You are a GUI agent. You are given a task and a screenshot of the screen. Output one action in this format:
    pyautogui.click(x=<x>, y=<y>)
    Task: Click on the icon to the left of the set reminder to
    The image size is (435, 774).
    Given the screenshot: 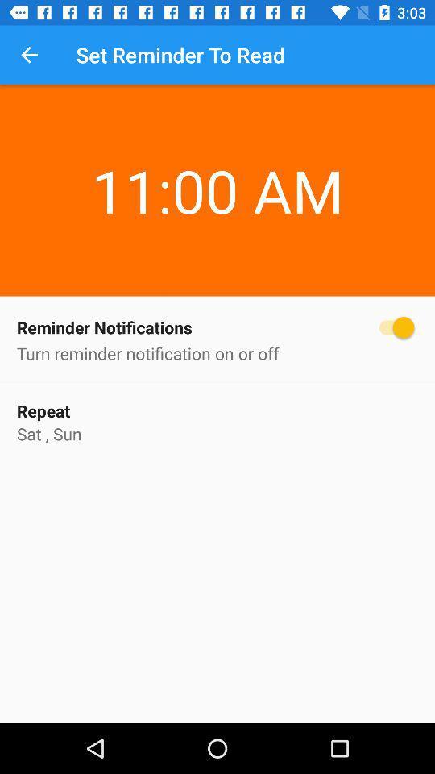 What is the action you would take?
    pyautogui.click(x=29, y=55)
    